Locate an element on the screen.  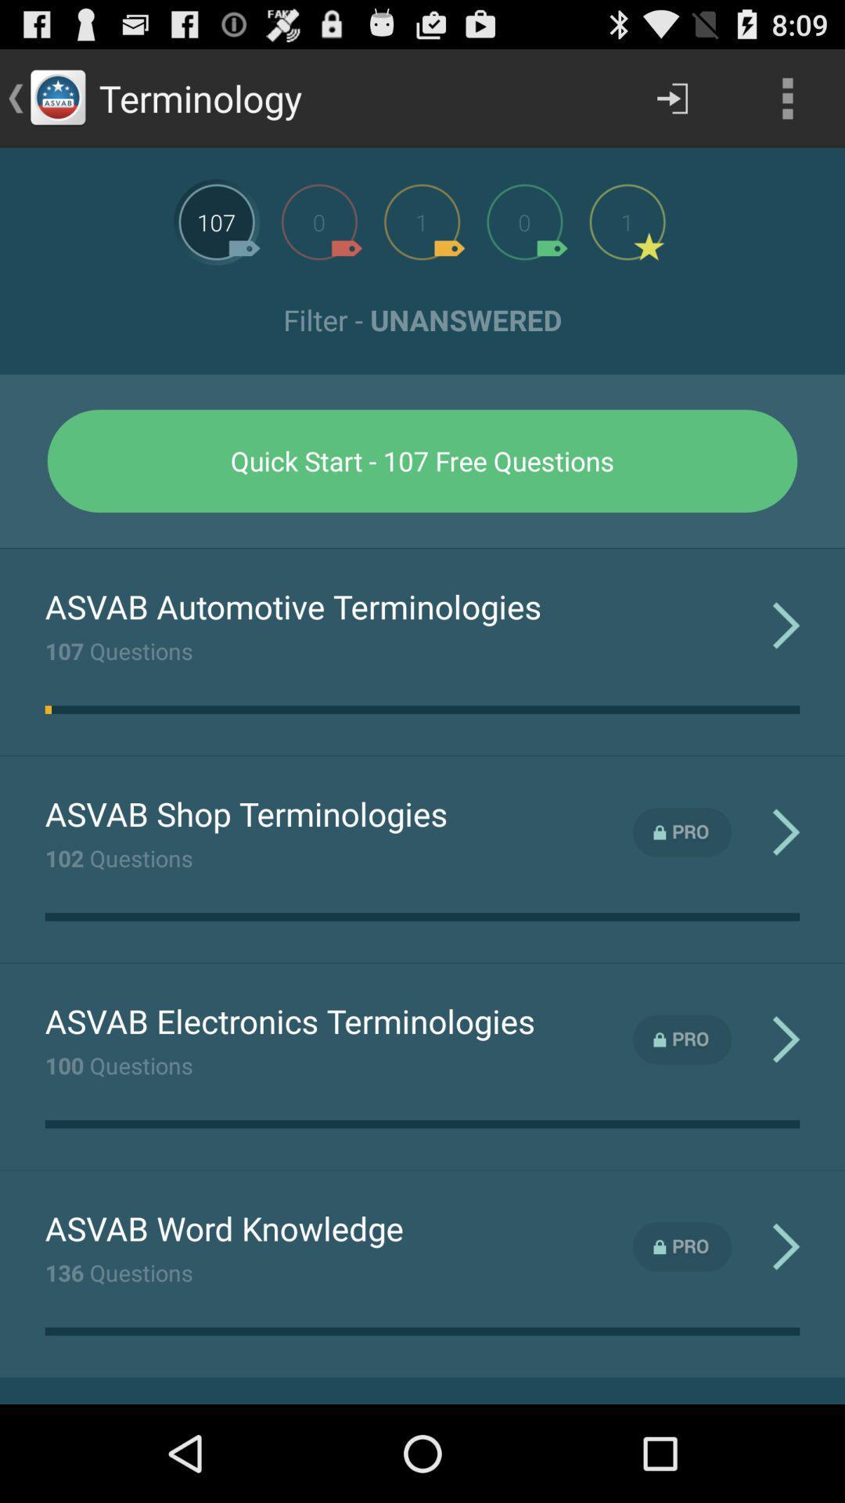
136 questions is located at coordinates (118, 1272).